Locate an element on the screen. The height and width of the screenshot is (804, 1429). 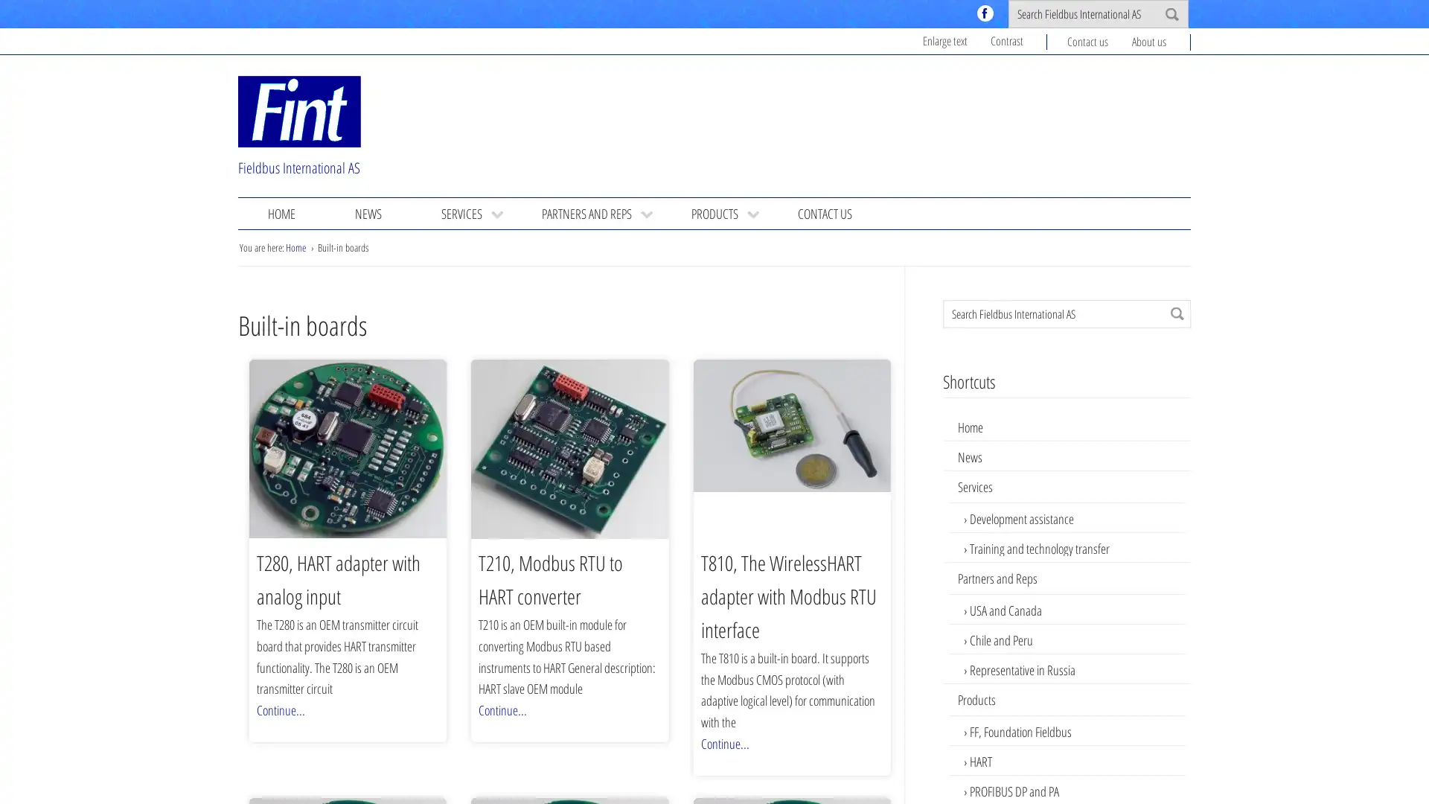
Search is located at coordinates (1171, 14).